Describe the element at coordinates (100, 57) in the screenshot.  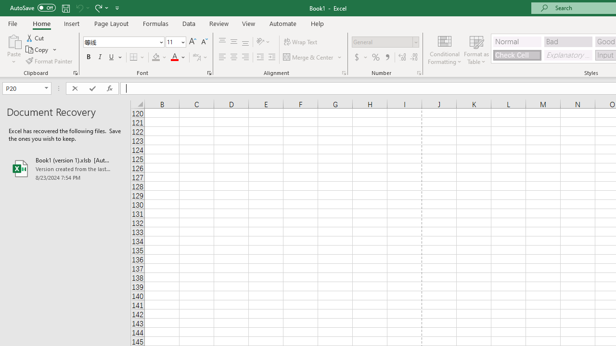
I see `'Italic'` at that location.